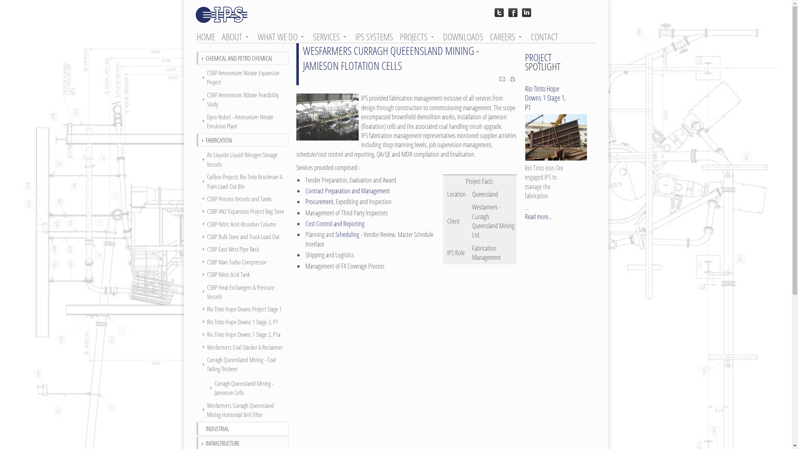 The height and width of the screenshot is (449, 798). What do you see at coordinates (466, 36) in the screenshot?
I see `'DOWNLOADS'` at bounding box center [466, 36].